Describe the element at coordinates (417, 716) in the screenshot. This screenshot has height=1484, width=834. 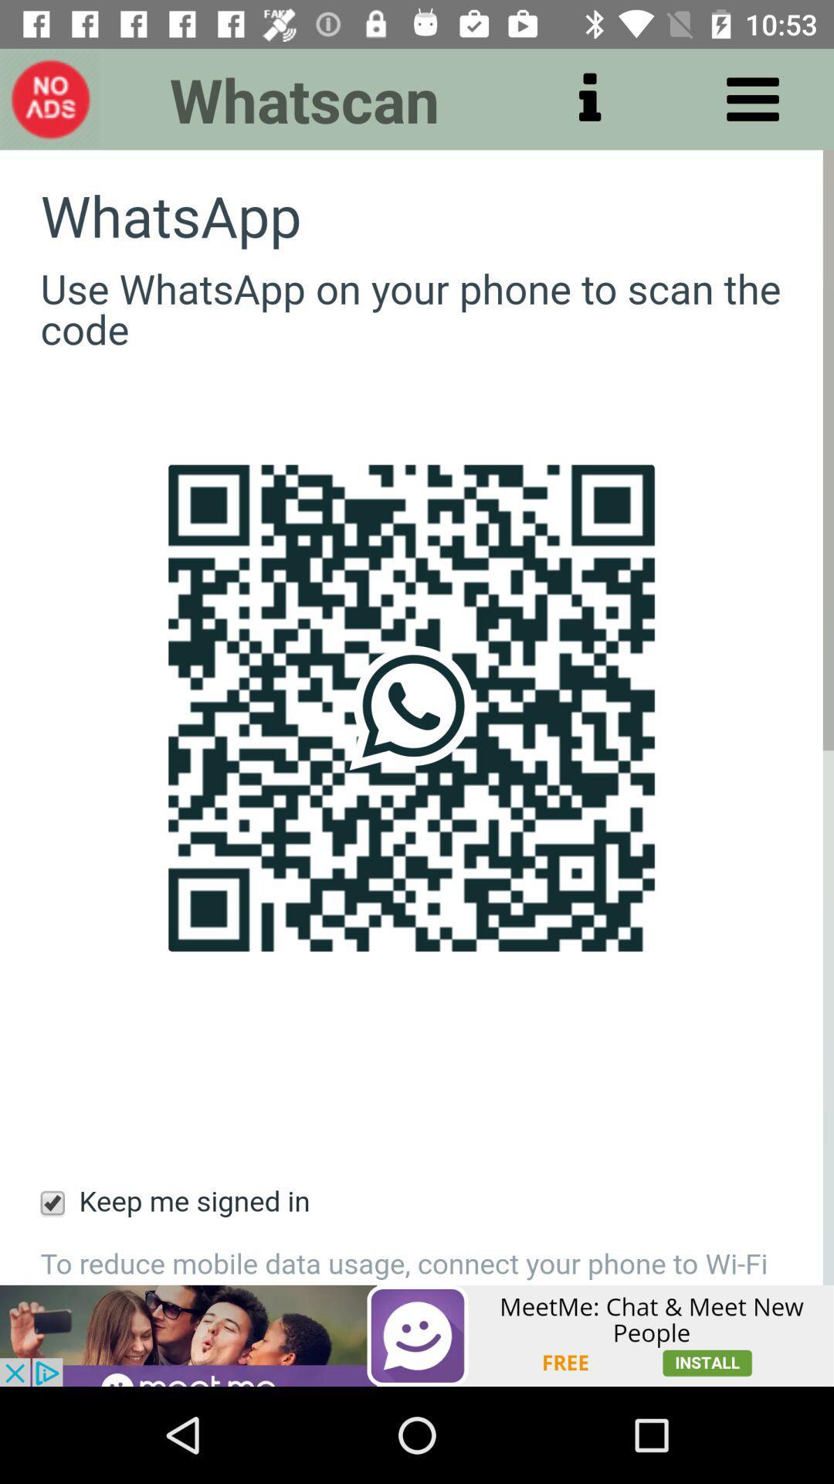
I see `whatsapp scan` at that location.